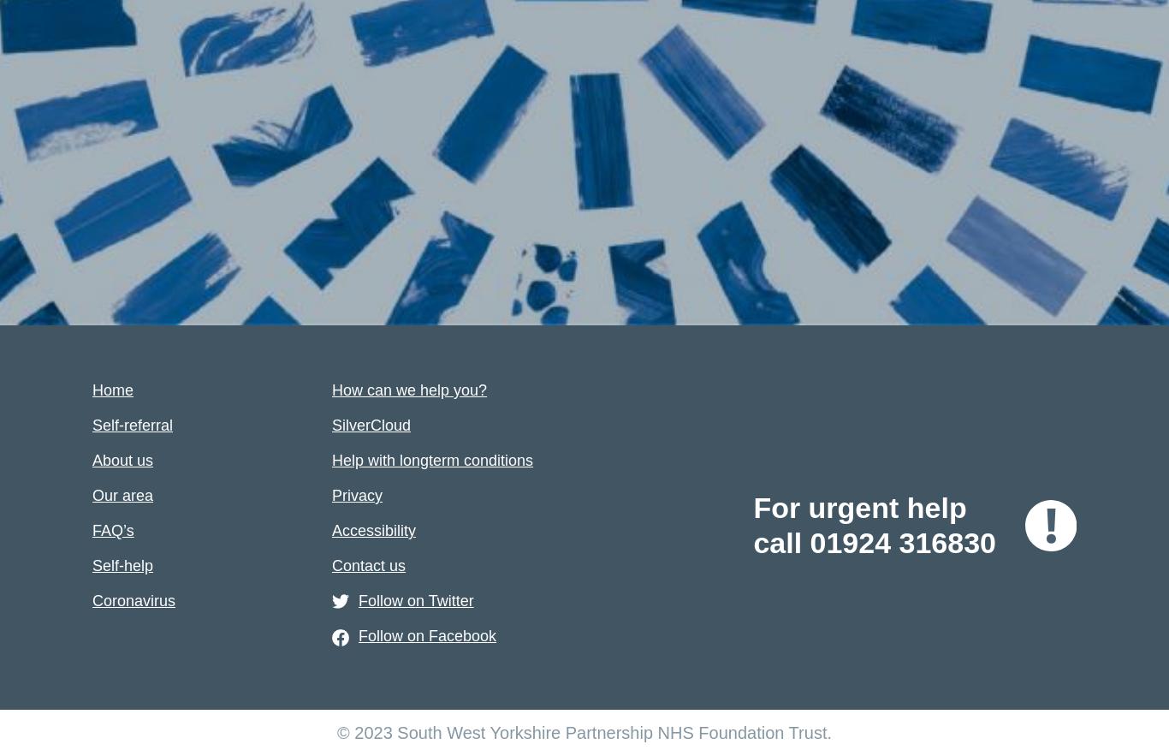 The image size is (1169, 756). I want to click on 'call 01924 316830', so click(875, 542).